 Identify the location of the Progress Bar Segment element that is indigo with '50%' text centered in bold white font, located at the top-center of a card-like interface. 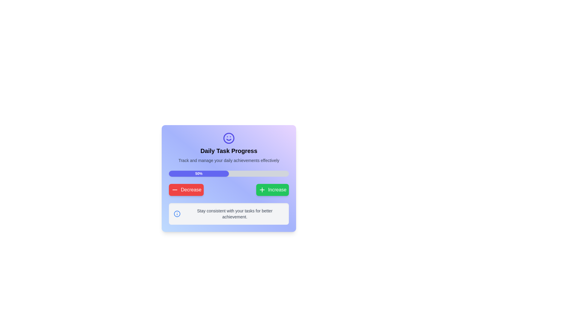
(199, 173).